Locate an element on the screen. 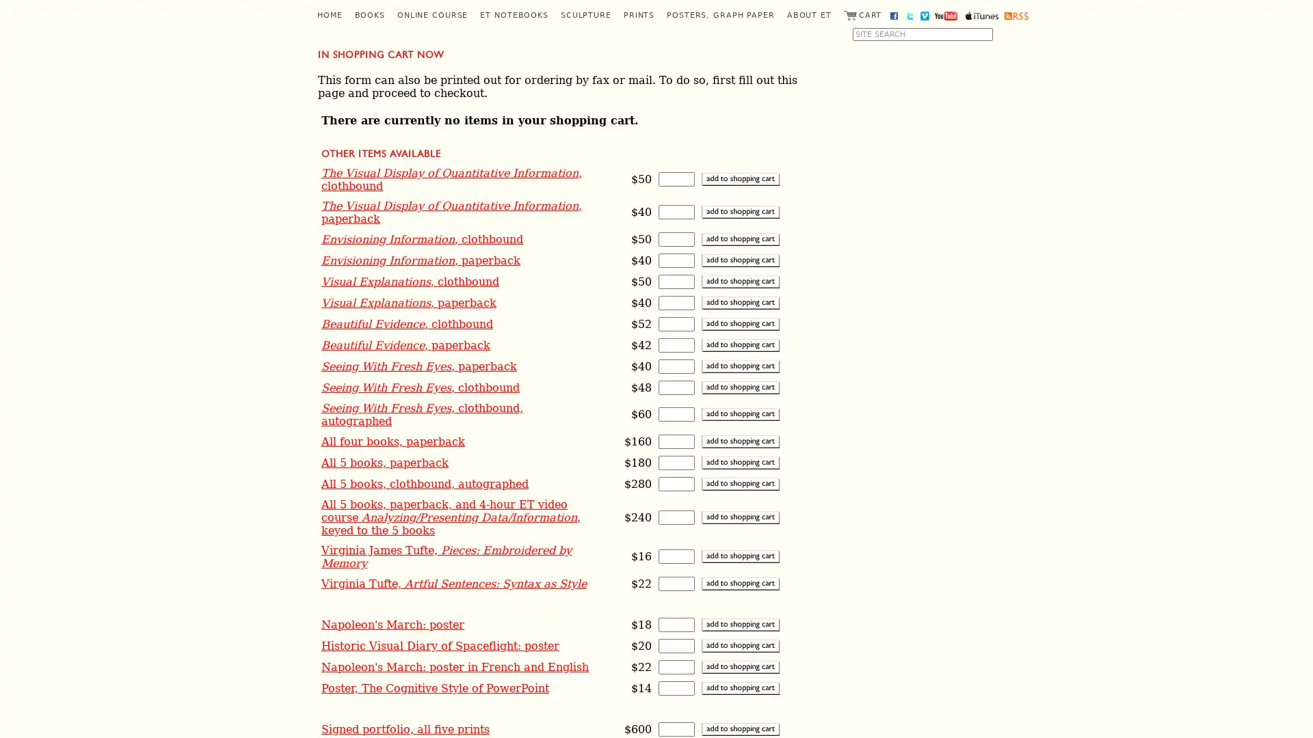  add to shopping cart is located at coordinates (740, 666).